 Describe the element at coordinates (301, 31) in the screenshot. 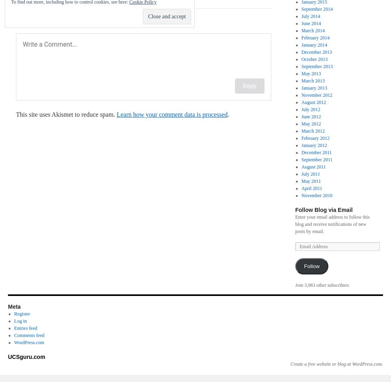

I see `'March 2014'` at that location.